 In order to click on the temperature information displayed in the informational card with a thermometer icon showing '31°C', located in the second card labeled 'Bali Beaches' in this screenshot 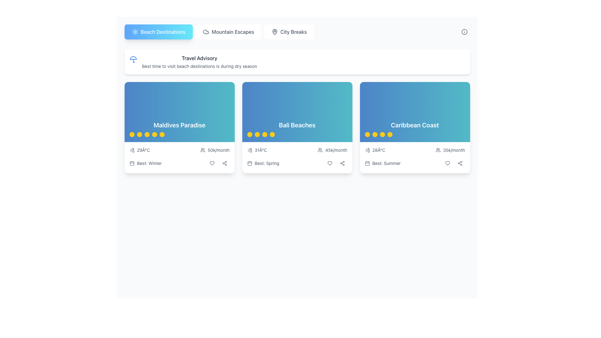, I will do `click(257, 150)`.